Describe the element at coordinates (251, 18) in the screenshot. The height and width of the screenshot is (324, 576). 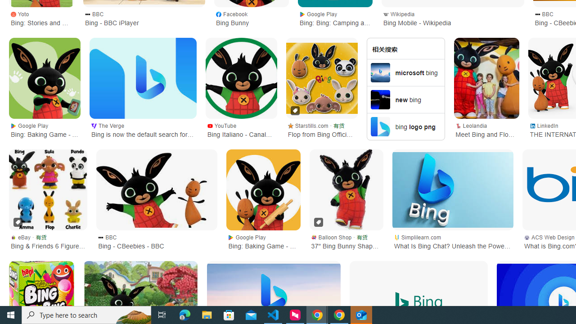
I see `'Facebook Bing Bunny'` at that location.